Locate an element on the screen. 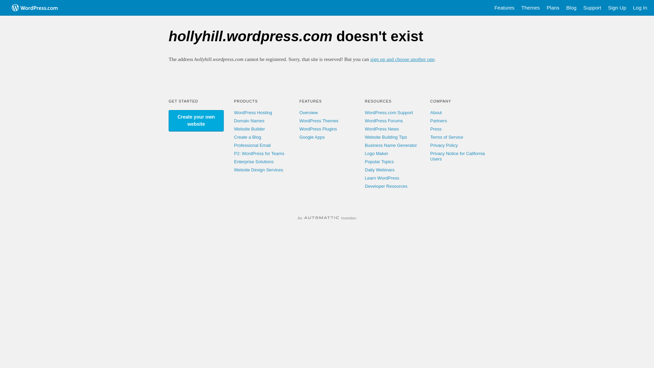 Image resolution: width=654 pixels, height=368 pixels. 'Log In' is located at coordinates (639, 8).